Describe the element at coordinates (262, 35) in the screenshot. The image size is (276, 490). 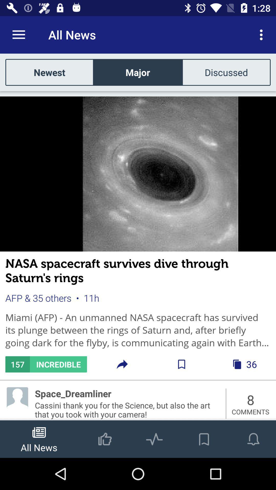
I see `three vertical dots` at that location.